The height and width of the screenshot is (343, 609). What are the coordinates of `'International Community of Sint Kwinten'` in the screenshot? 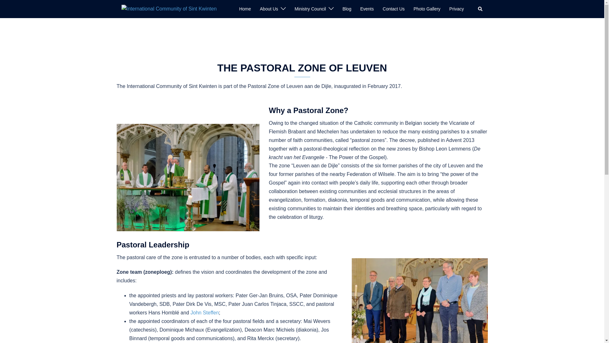 It's located at (169, 9).